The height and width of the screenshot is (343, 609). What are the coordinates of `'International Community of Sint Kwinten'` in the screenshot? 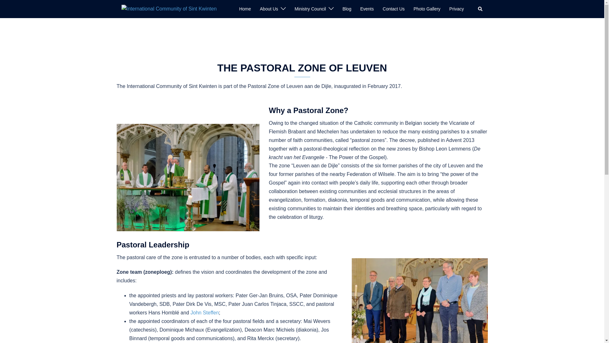 It's located at (169, 9).